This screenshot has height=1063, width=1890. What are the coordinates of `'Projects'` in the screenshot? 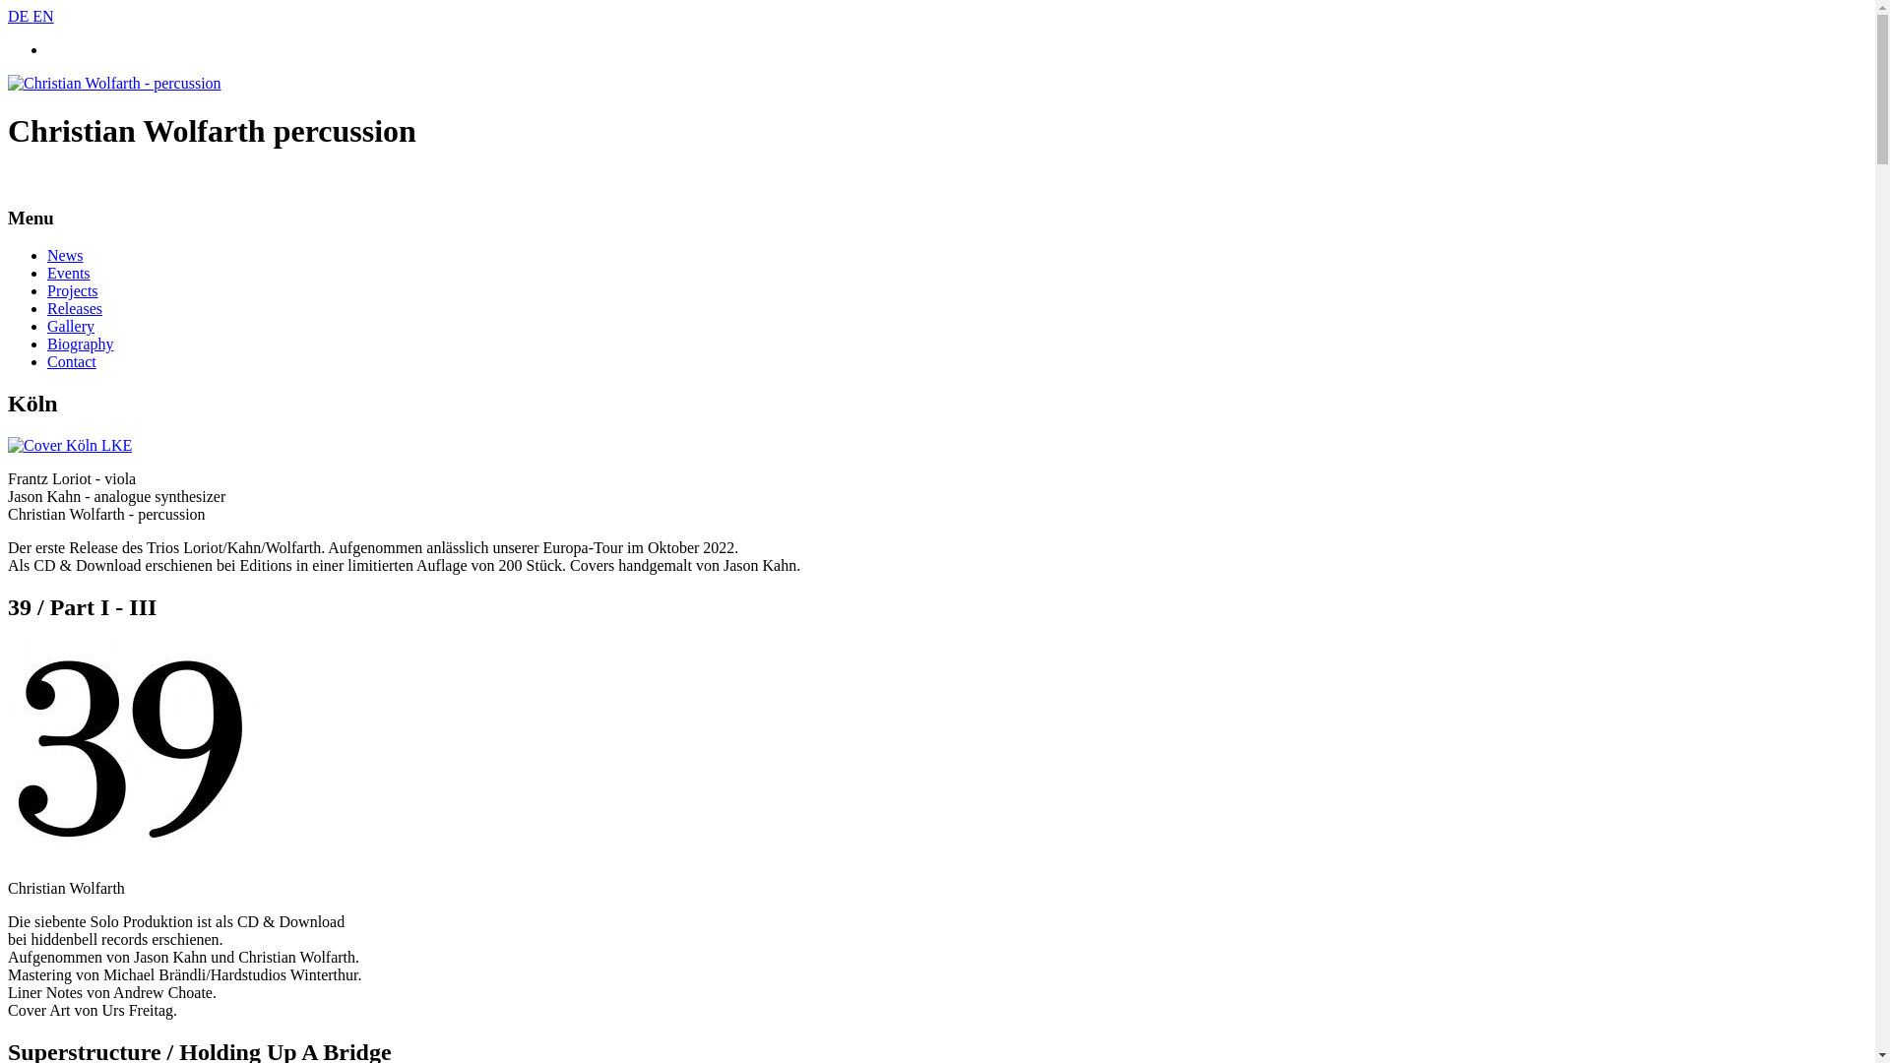 It's located at (72, 290).